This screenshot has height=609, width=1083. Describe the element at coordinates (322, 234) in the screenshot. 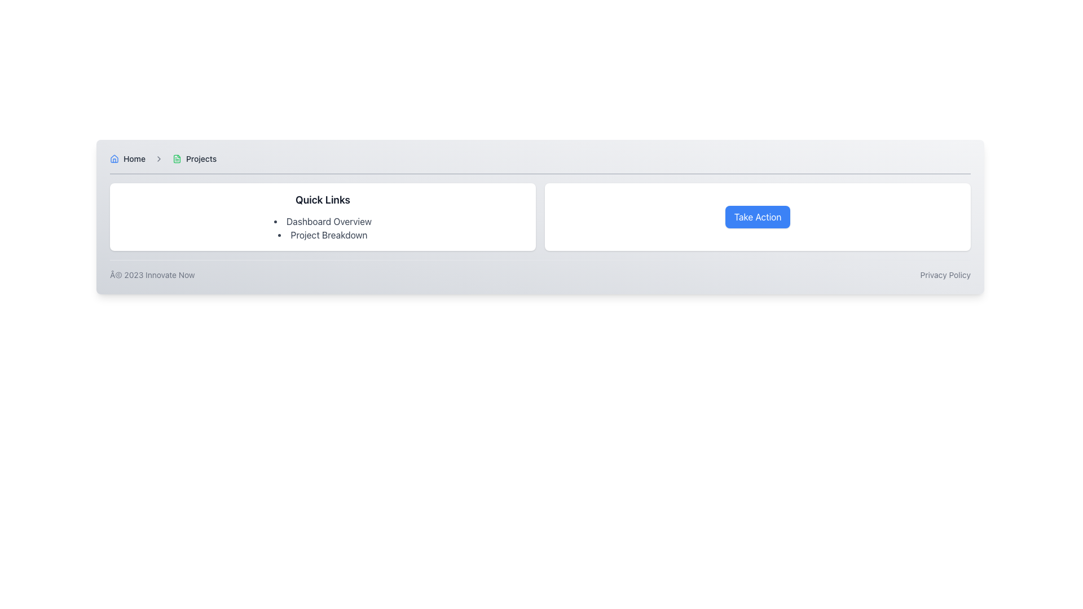

I see `the textual link labeled 'Project Breakdown' located beneath 'Dashboard Overview' in the 'Quick Links' section` at that location.